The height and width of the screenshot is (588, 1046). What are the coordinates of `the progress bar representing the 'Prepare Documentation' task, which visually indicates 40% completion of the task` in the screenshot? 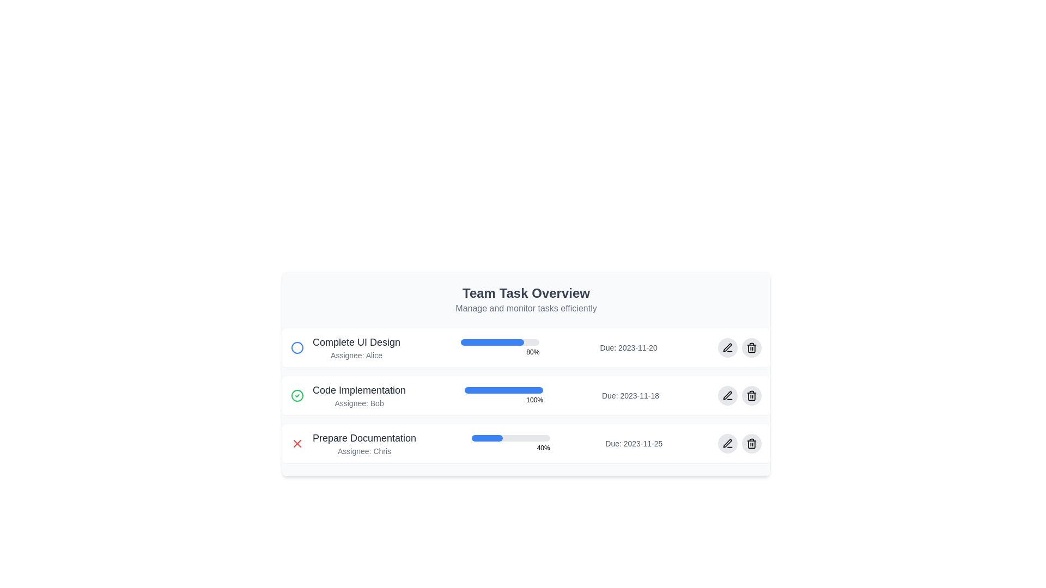 It's located at (510, 438).